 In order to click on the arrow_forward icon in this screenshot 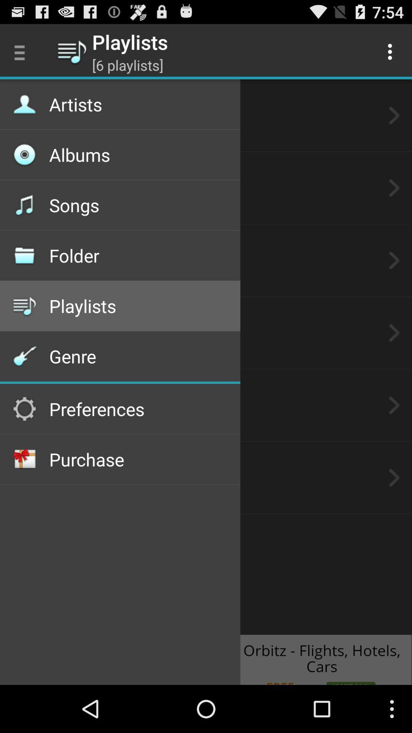, I will do `click(379, 123)`.